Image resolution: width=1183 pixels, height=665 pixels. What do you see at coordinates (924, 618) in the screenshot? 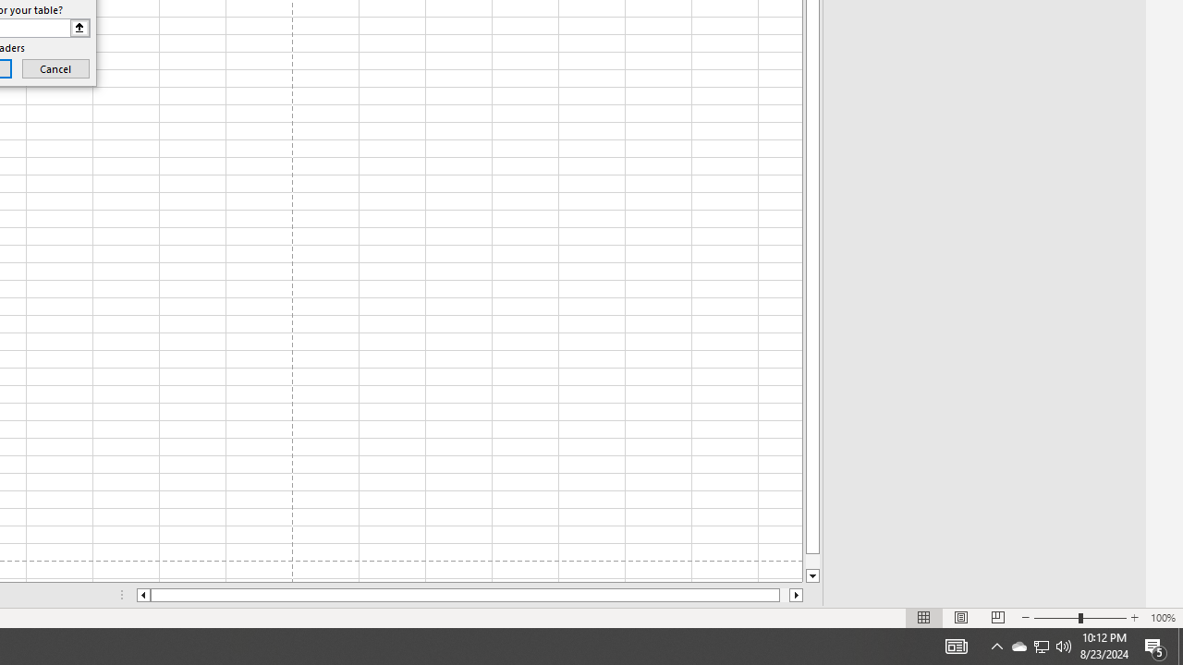
I see `'Normal'` at bounding box center [924, 618].